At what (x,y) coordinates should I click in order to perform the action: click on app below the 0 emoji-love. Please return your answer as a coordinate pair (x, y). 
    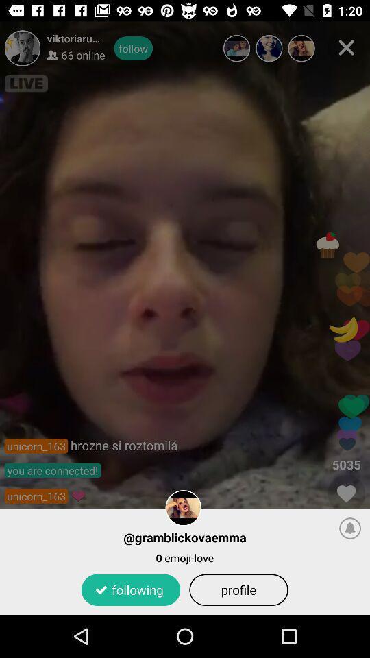
    Looking at the image, I should click on (238, 589).